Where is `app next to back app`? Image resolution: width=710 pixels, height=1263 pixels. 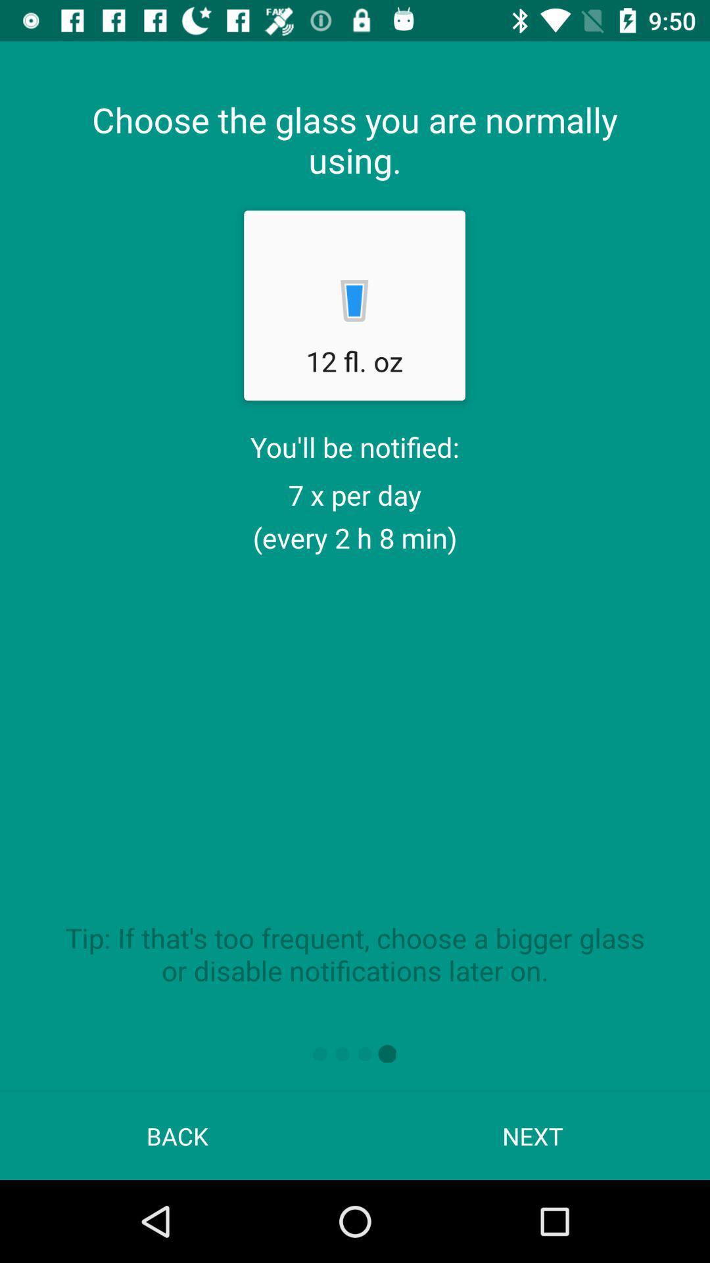
app next to back app is located at coordinates (532, 1135).